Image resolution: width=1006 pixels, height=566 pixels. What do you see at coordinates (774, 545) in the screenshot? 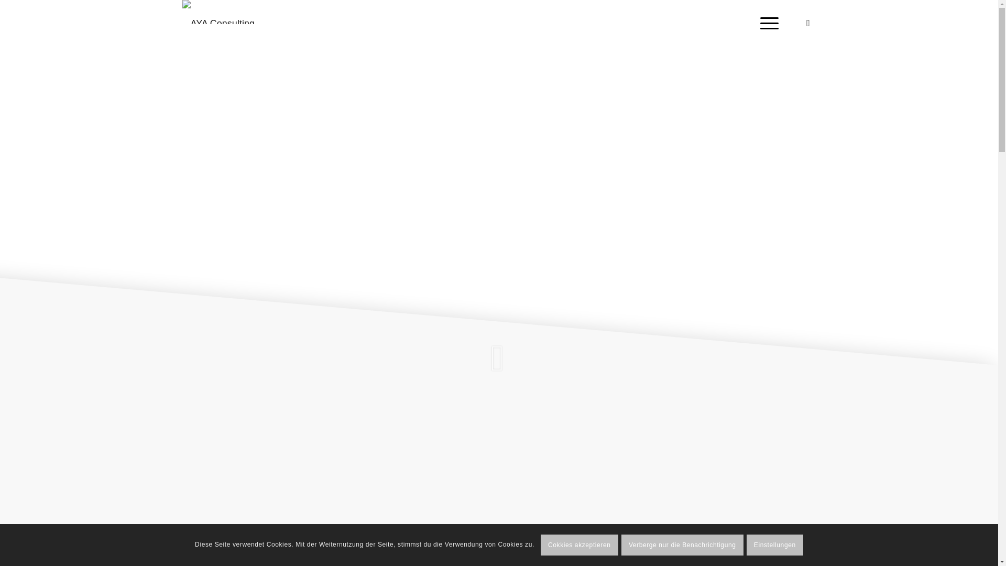
I see `'Einstellungen'` at bounding box center [774, 545].